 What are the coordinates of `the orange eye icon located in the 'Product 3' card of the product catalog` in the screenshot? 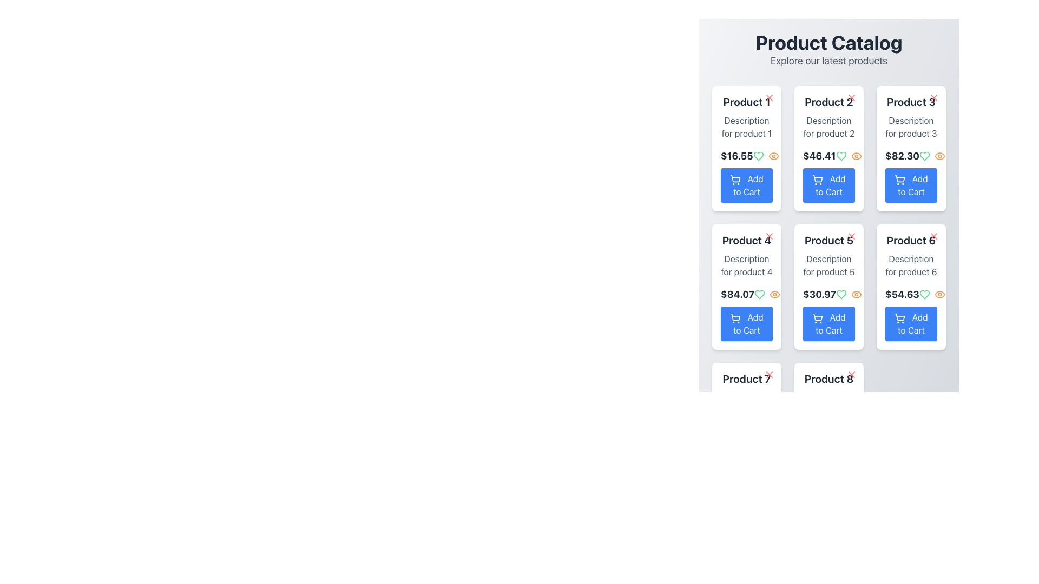 It's located at (939, 156).